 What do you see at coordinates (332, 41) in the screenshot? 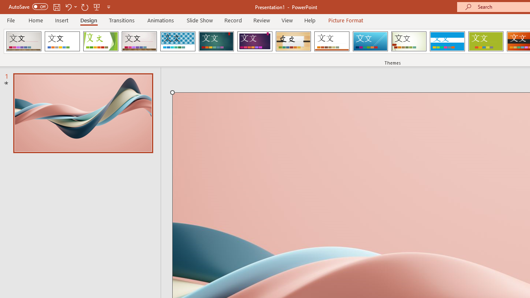
I see `'Retrospect'` at bounding box center [332, 41].